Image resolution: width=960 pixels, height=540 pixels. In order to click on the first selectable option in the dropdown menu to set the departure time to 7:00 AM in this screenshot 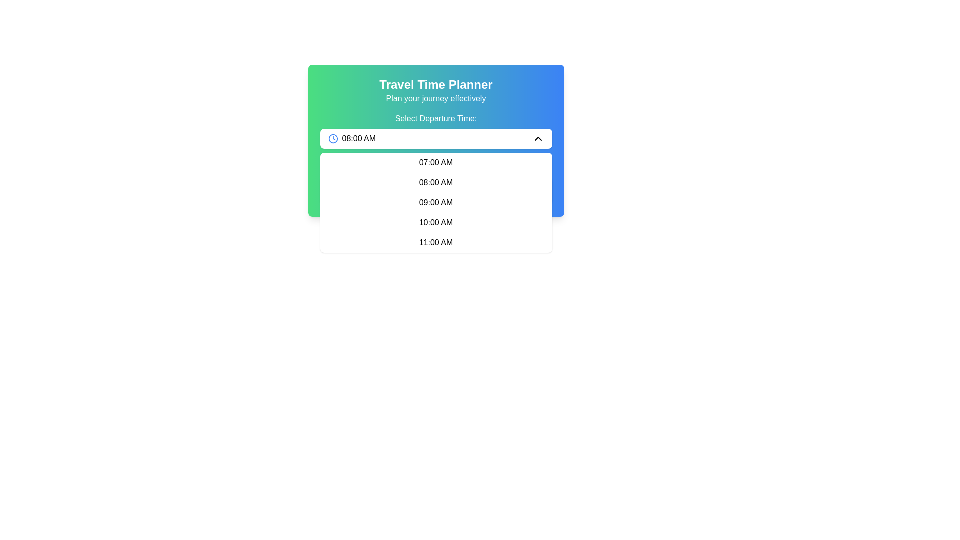, I will do `click(436, 162)`.